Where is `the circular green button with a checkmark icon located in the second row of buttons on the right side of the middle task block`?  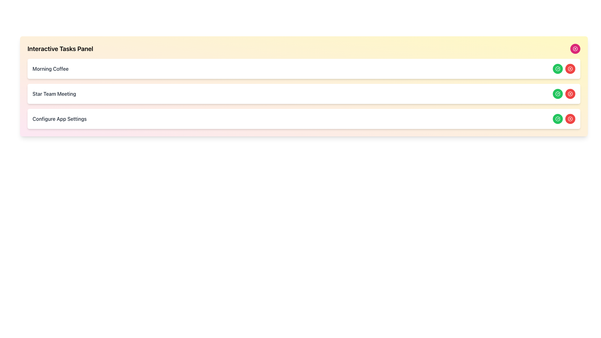 the circular green button with a checkmark icon located in the second row of buttons on the right side of the middle task block is located at coordinates (557, 69).